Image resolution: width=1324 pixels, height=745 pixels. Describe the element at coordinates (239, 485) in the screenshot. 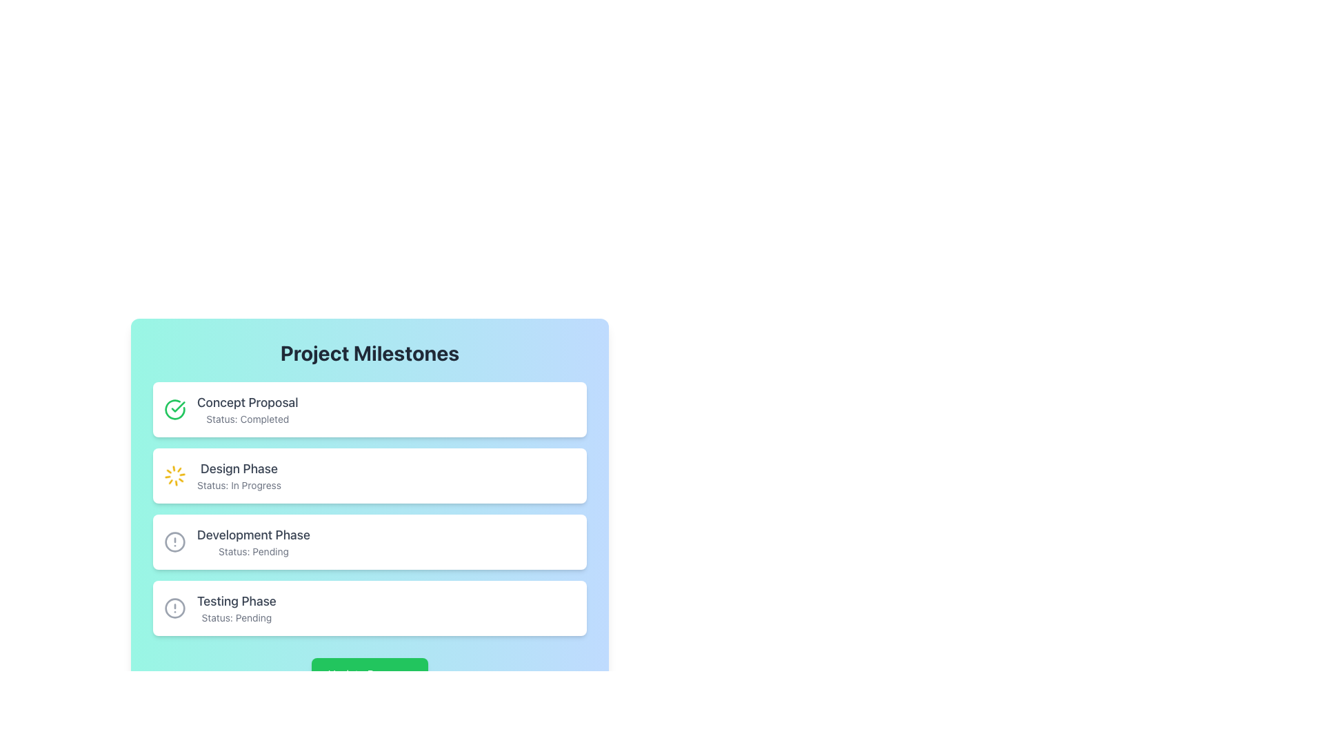

I see `the informational text label indicating the current status of the project phase as 'In Progress' located below the 'Design Phase' headline in the 'Project Milestones' list` at that location.